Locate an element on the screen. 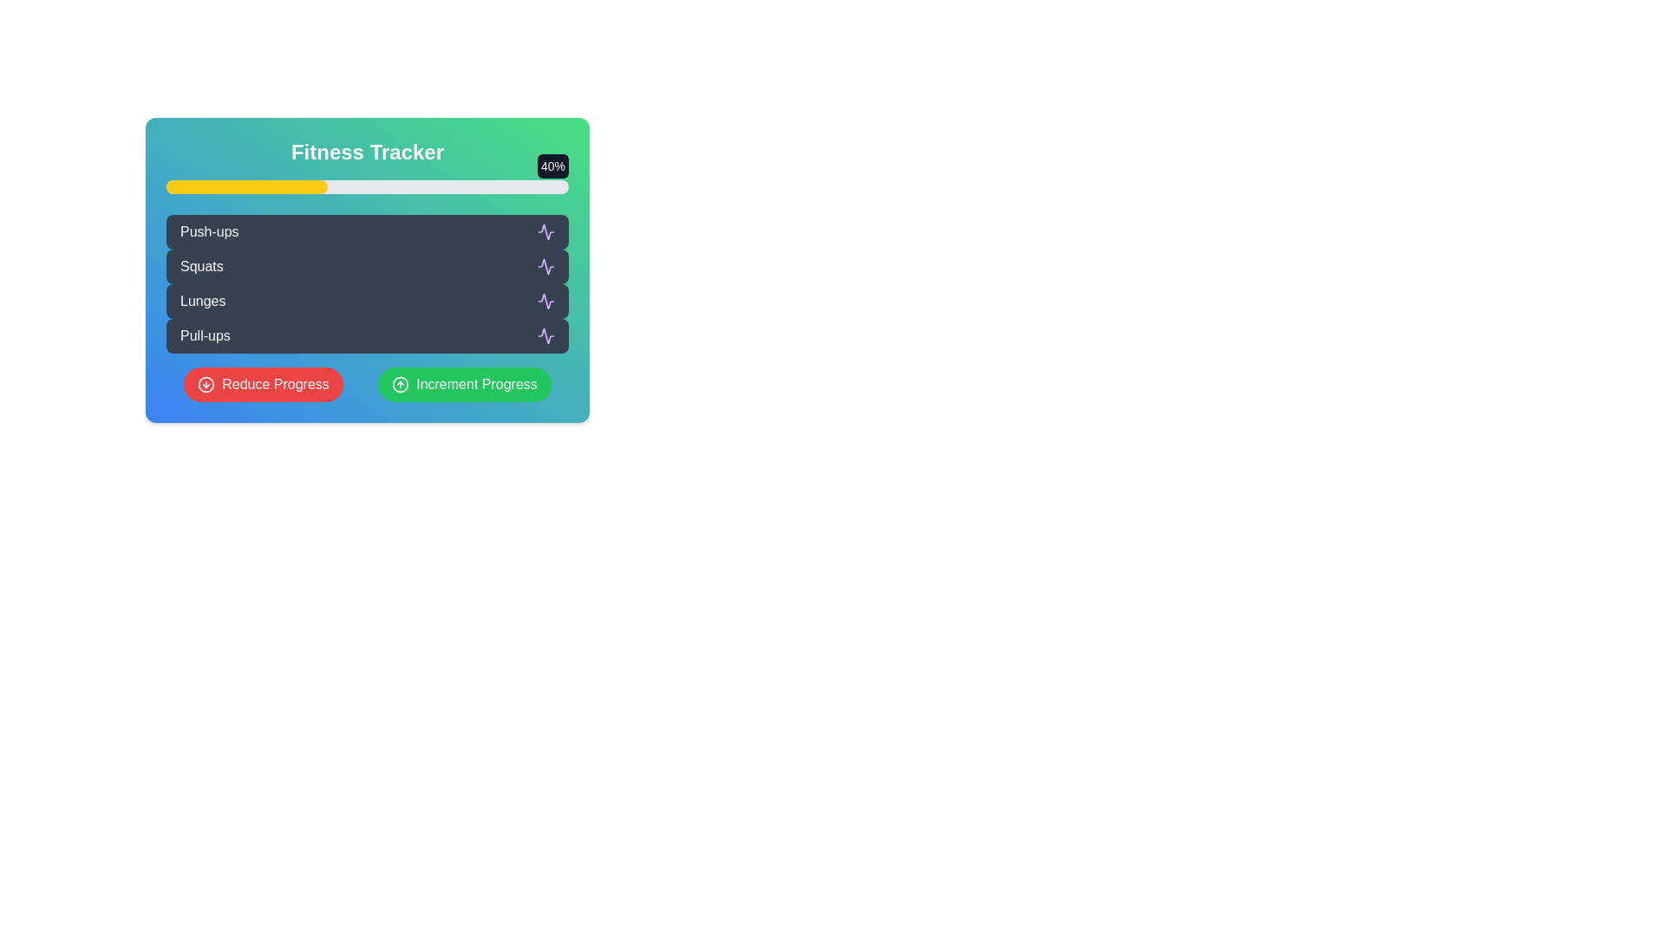 Image resolution: width=1665 pixels, height=936 pixels. the circular icon with an upward-pointing arrow, located within the 'Increment Progress' button at the bottom right of the interface is located at coordinates (400, 383).